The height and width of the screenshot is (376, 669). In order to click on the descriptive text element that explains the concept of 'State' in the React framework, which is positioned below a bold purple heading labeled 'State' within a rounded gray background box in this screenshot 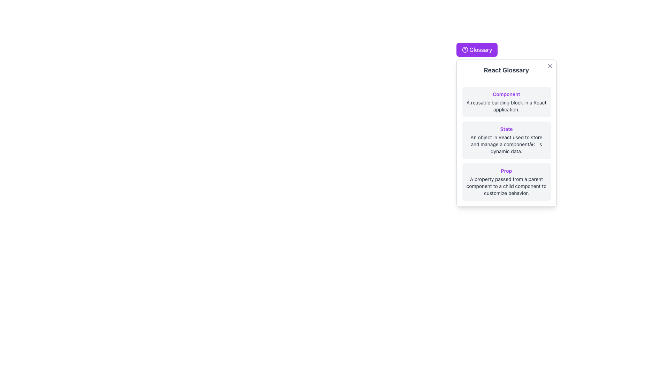, I will do `click(506, 144)`.